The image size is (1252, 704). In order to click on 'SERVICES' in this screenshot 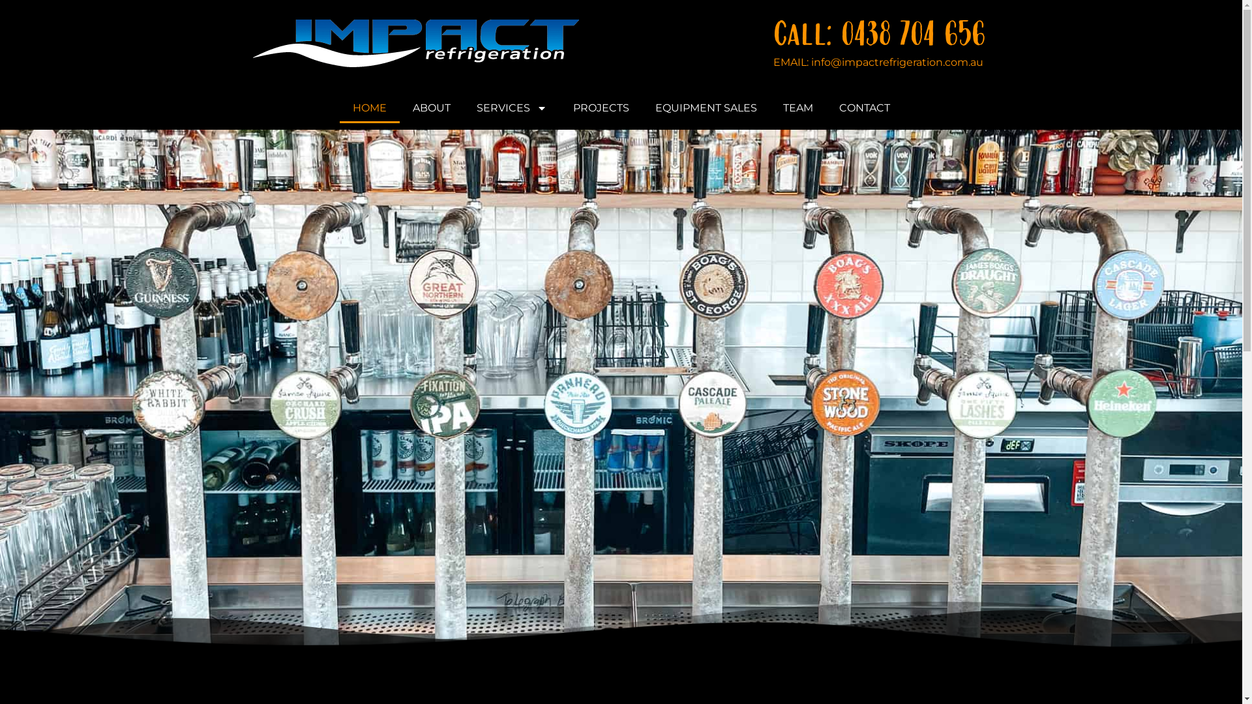, I will do `click(510, 107)`.